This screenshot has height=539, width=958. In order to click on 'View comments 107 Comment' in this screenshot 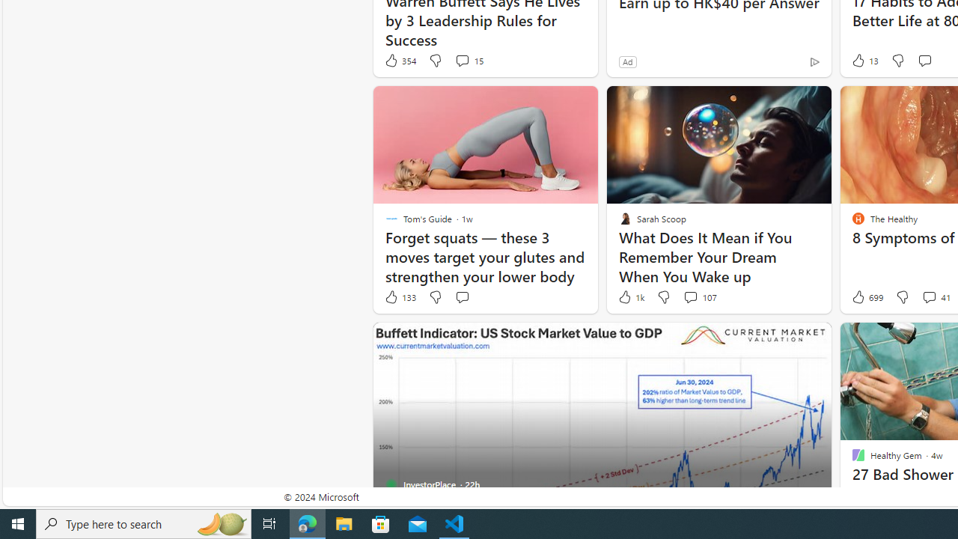, I will do `click(689, 297)`.